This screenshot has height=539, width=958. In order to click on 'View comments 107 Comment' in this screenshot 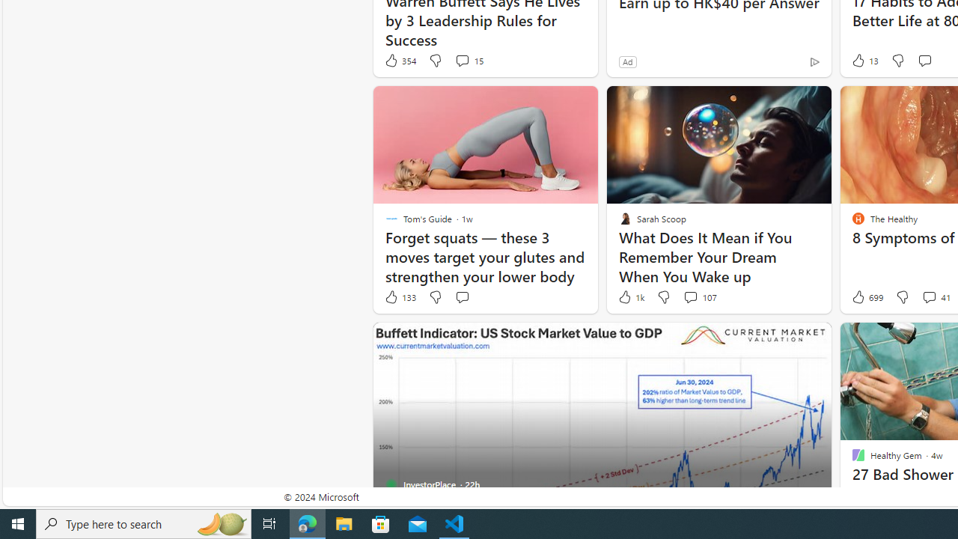, I will do `click(689, 297)`.